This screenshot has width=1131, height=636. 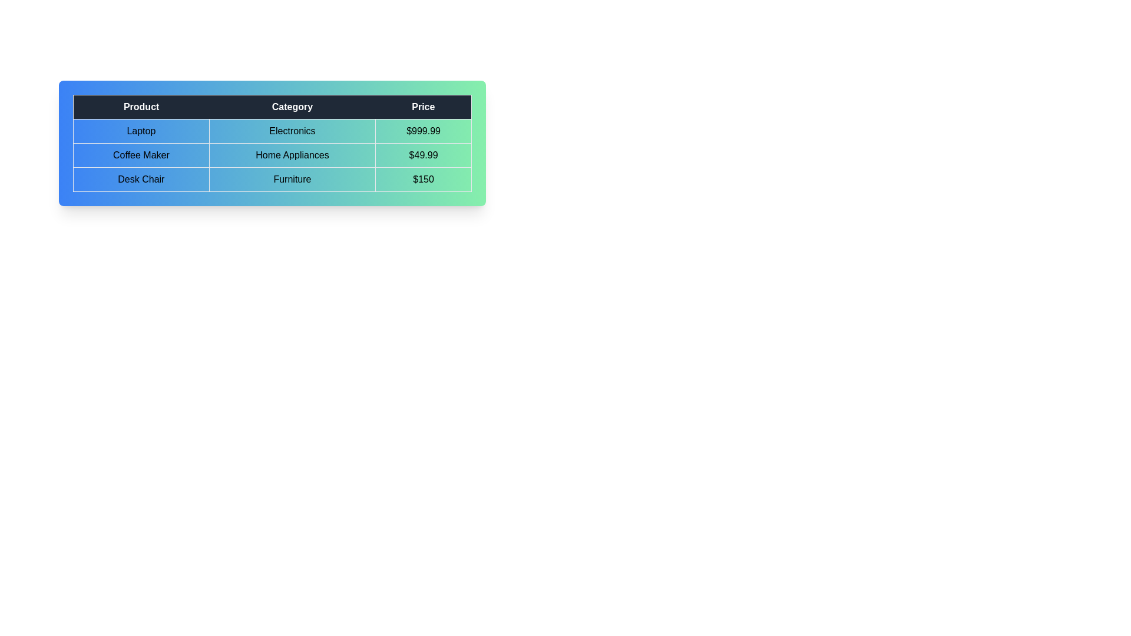 I want to click on the 'Furniture' label which displays in black text on a light gradient background, located in the middle cell of the third row in a grid structure, so click(x=292, y=179).